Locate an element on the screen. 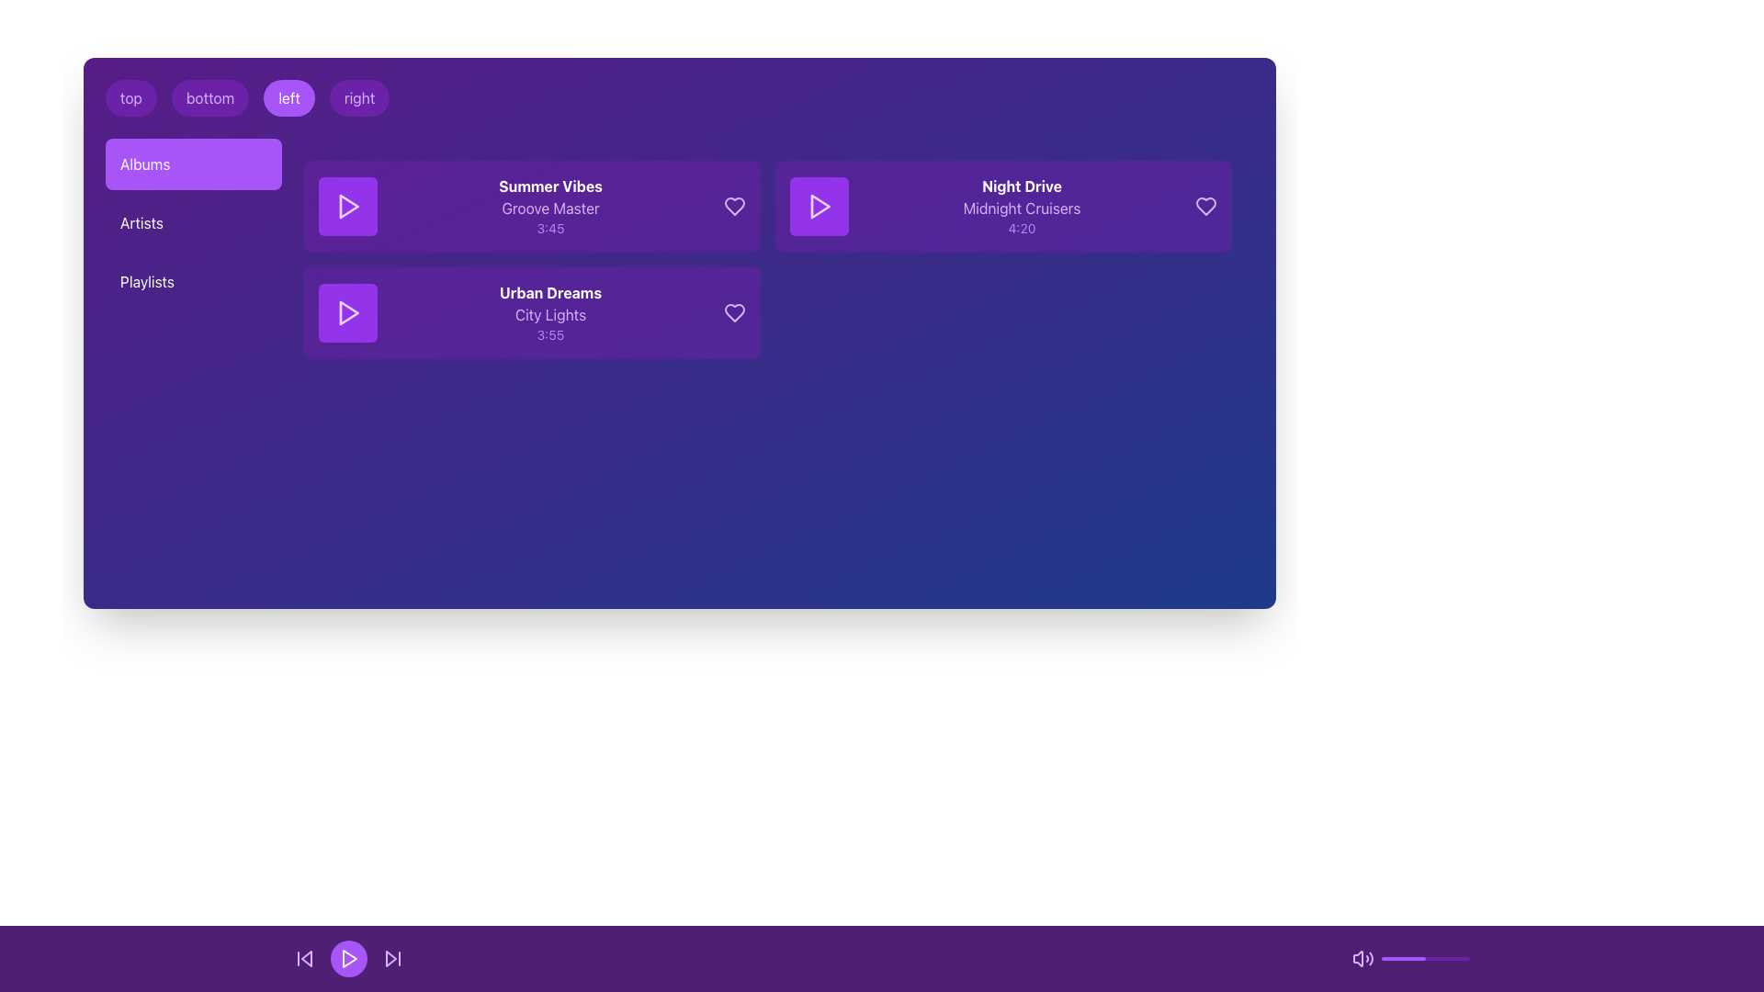 The width and height of the screenshot is (1764, 992). the play button icon for the 'Night Drive' song is located at coordinates (820, 206).